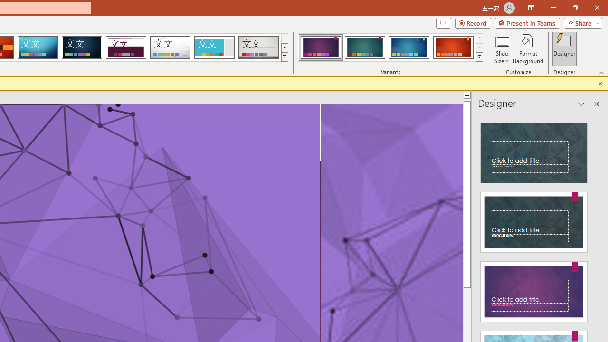 Image resolution: width=608 pixels, height=342 pixels. I want to click on 'Close this message', so click(600, 83).